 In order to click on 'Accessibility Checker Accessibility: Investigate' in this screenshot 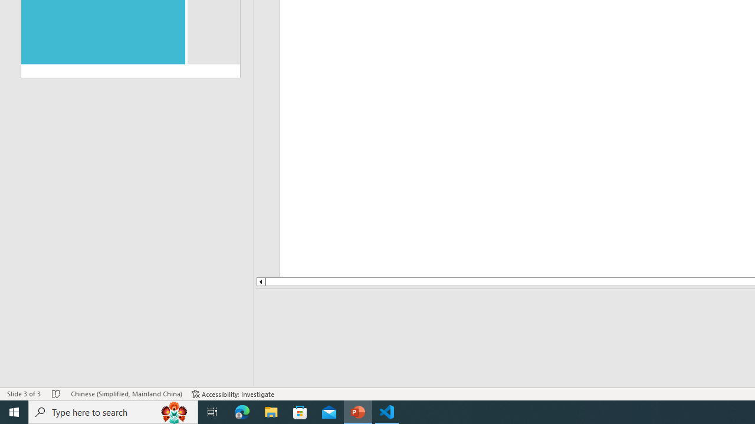, I will do `click(233, 394)`.